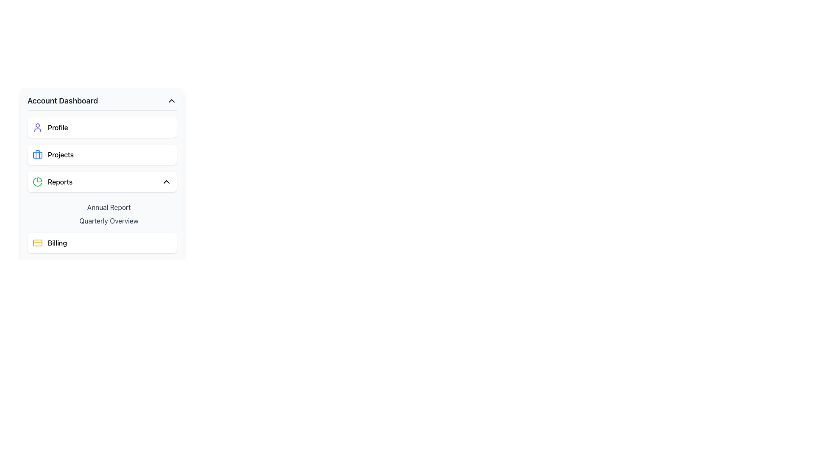 The image size is (814, 458). I want to click on the 'Billing' button located as the sixth item in the vertical list under 'Account Dashboard', positioned between 'Quarterly Overview' and 'Settings', so click(102, 243).